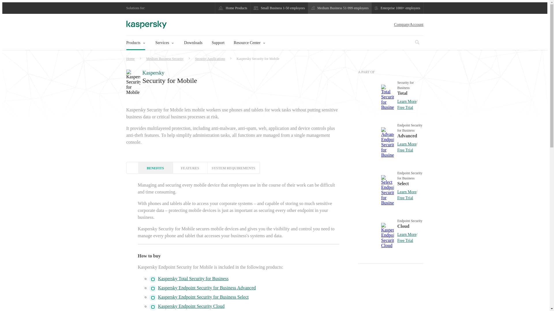 The image size is (554, 311). What do you see at coordinates (164, 58) in the screenshot?
I see `'Medium Business Security'` at bounding box center [164, 58].